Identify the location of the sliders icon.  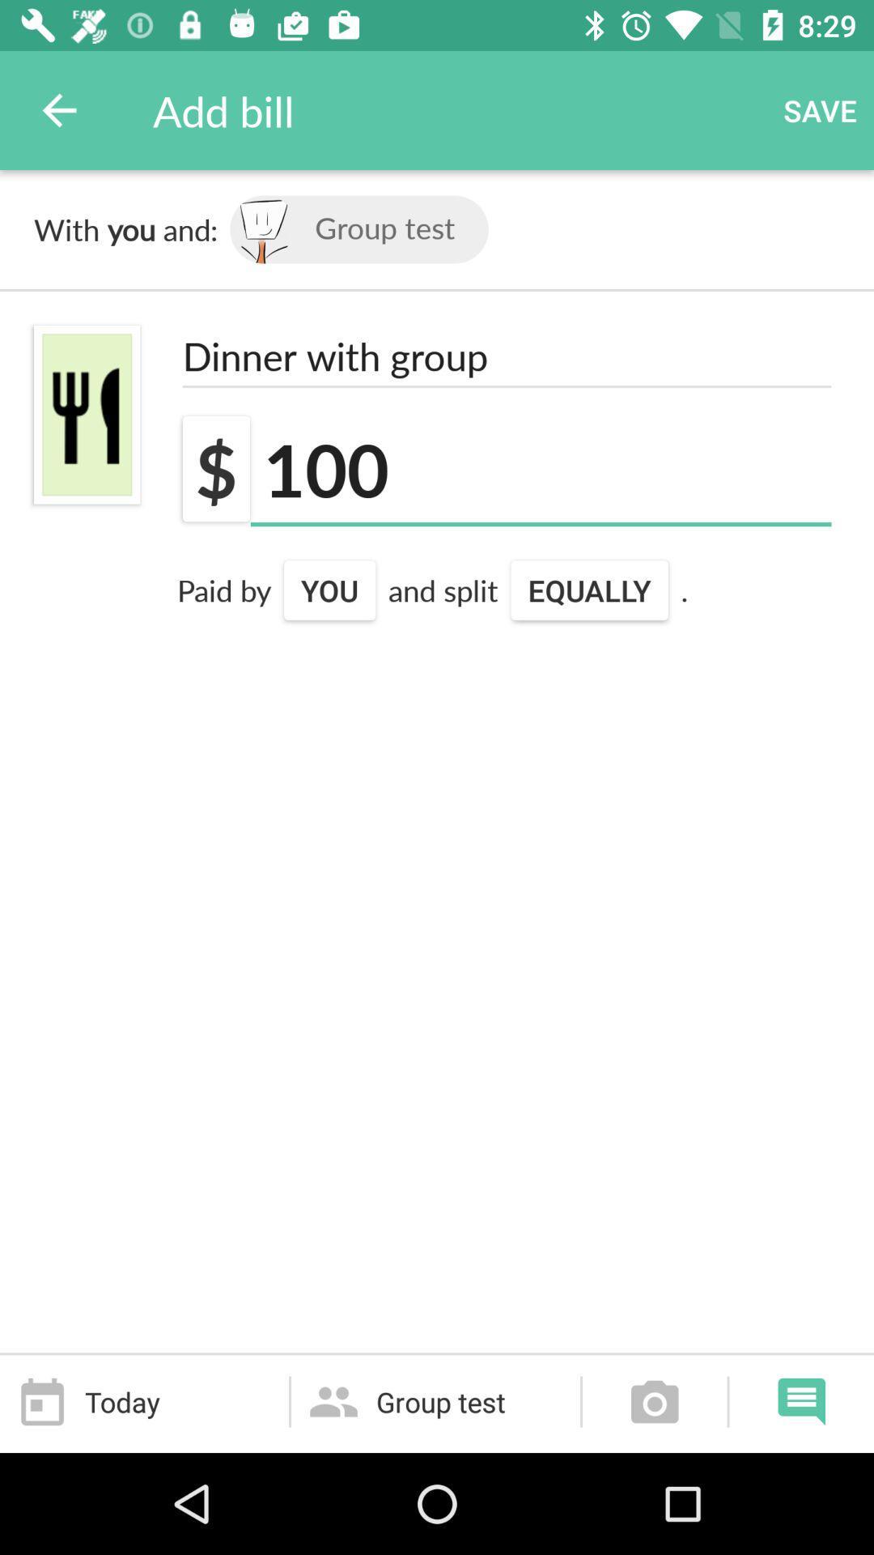
(87, 415).